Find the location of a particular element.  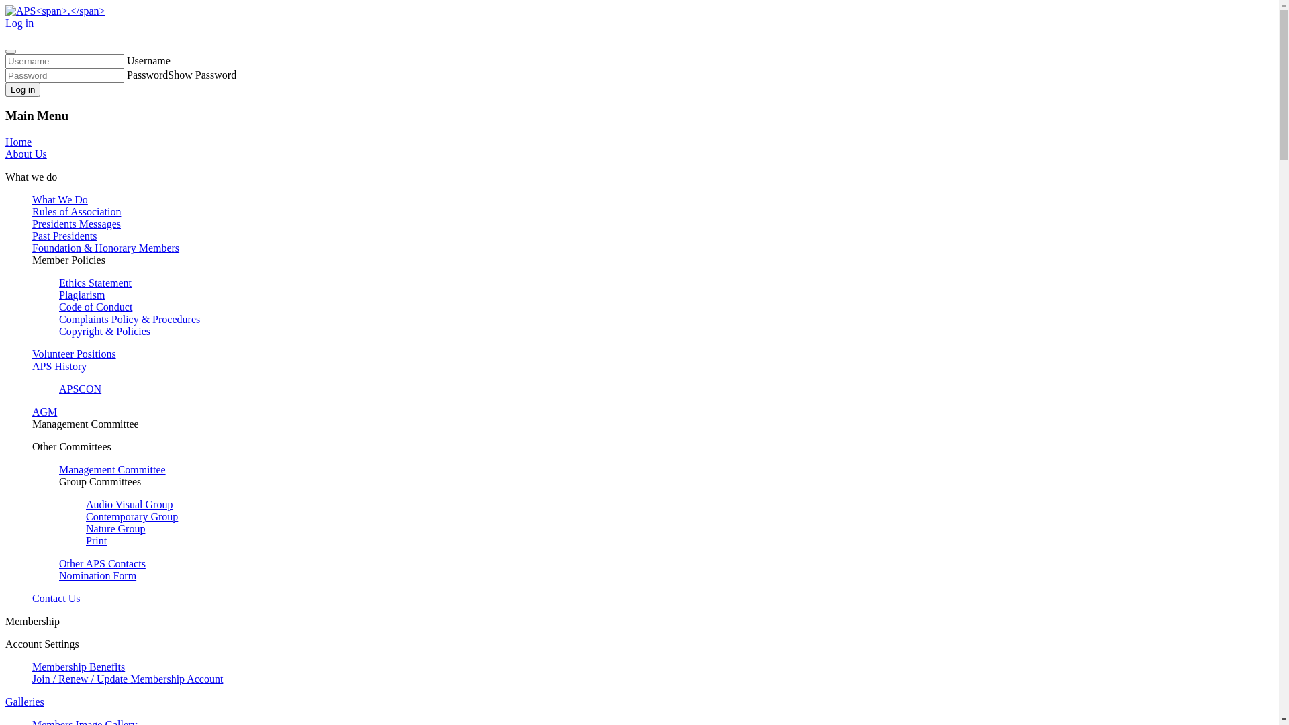

'Print' is located at coordinates (85, 540).